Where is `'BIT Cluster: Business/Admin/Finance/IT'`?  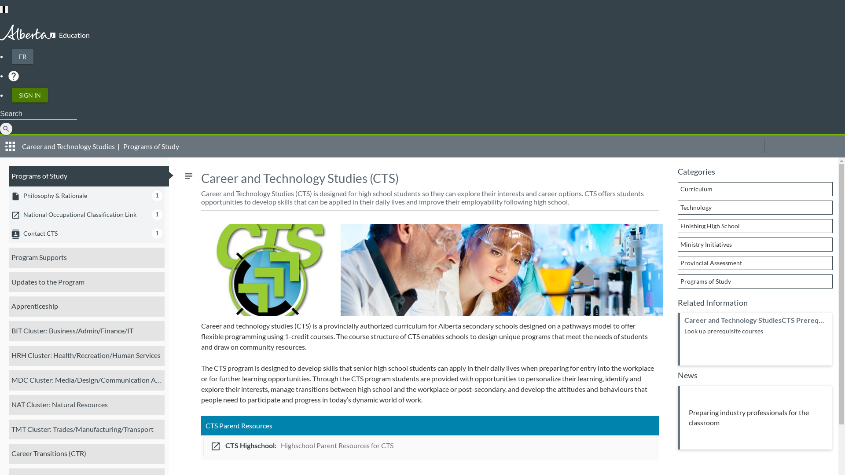 'BIT Cluster: Business/Admin/Finance/IT' is located at coordinates (86, 331).